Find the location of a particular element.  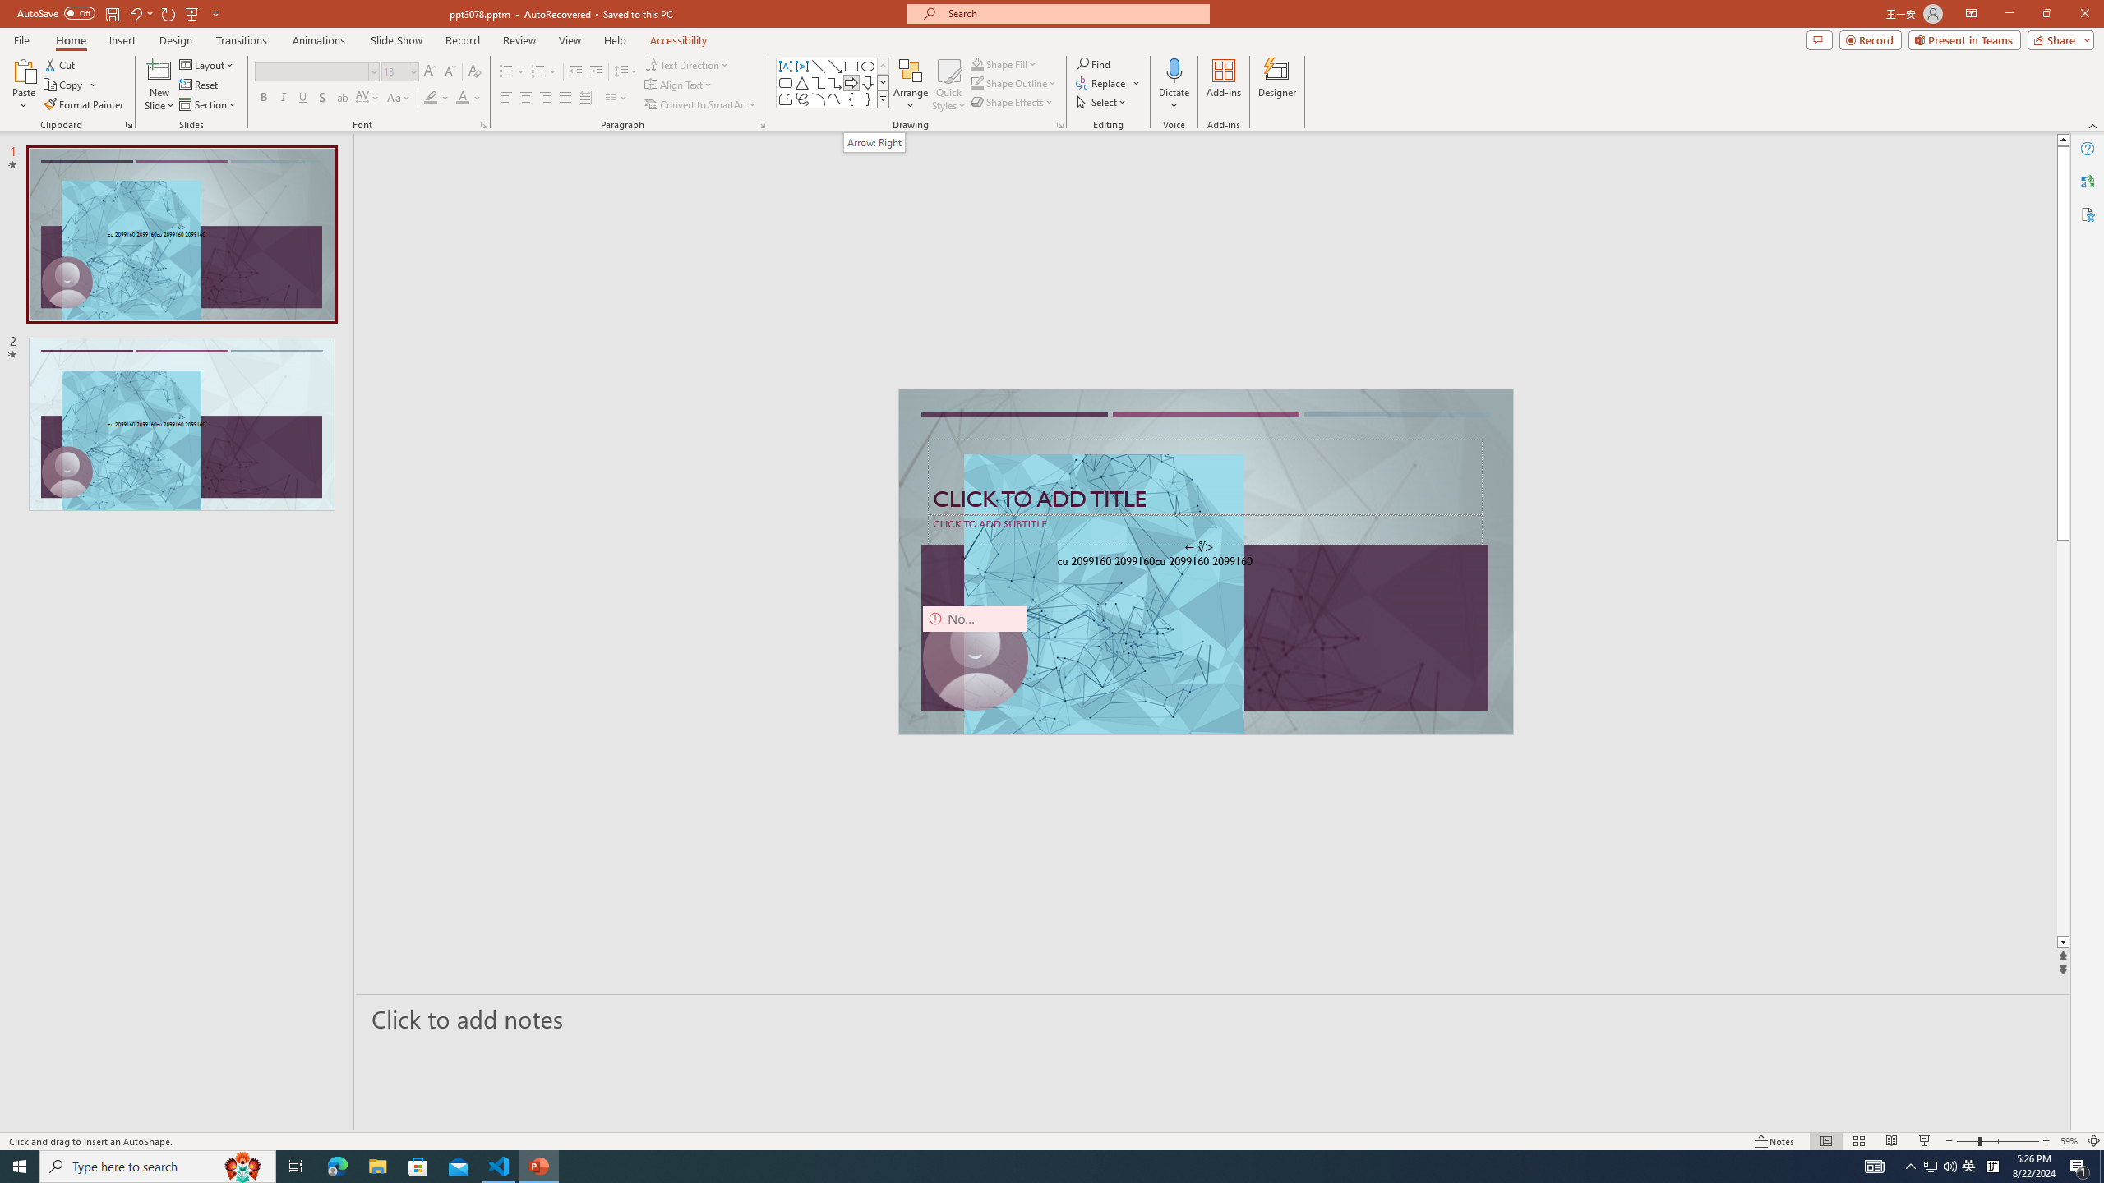

'Italic' is located at coordinates (282, 97).